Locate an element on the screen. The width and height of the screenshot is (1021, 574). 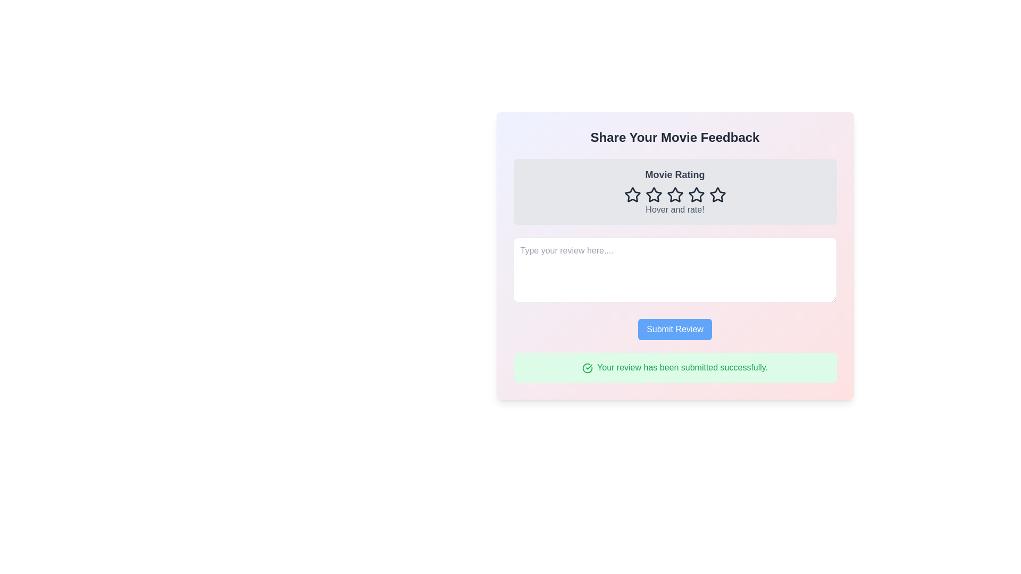
the third star icon in the interactive rating control is located at coordinates (674, 195).